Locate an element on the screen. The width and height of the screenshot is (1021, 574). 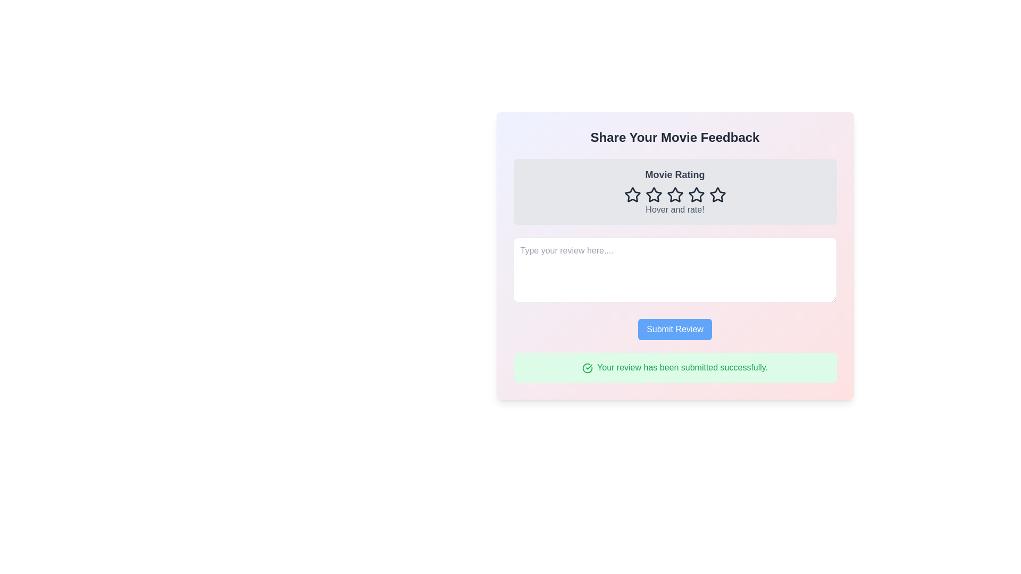
the third star icon in the interactive rating control is located at coordinates (674, 195).